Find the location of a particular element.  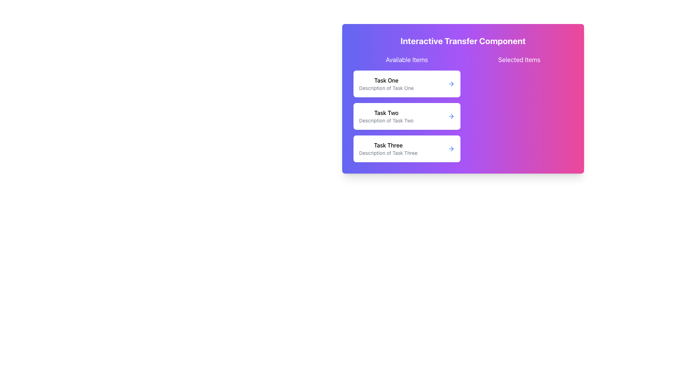

the descriptive text label providing information about 'Task Two', which is located beneath the 'Task Two' label in the 'Available Items' section is located at coordinates (386, 120).